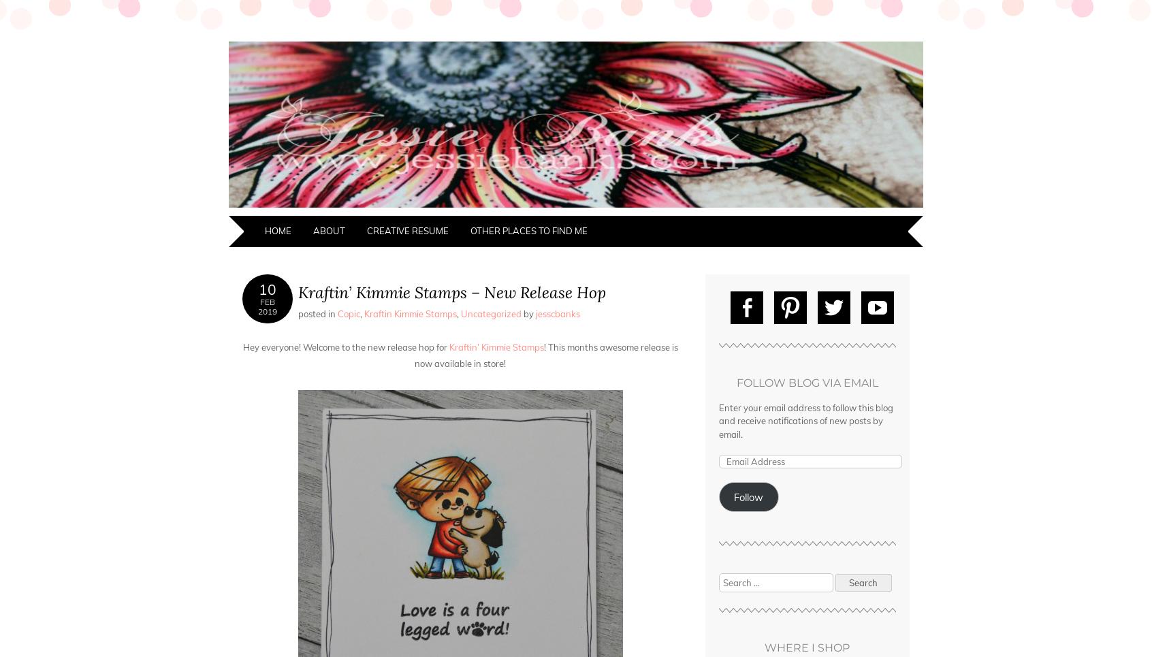 The width and height of the screenshot is (1152, 657). I want to click on 'Follow Blog via Email', so click(806, 382).